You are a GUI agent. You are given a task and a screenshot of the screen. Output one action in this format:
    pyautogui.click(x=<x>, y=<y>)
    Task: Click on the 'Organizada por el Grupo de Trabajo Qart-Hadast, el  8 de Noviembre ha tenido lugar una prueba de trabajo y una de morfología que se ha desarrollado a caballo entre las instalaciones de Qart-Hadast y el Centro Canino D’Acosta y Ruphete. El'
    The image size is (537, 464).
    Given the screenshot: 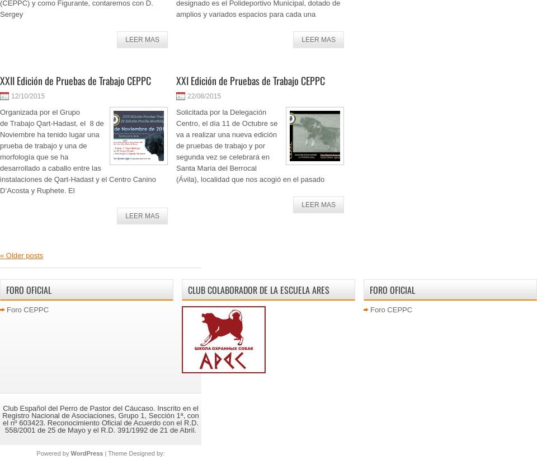 What is the action you would take?
    pyautogui.click(x=77, y=151)
    